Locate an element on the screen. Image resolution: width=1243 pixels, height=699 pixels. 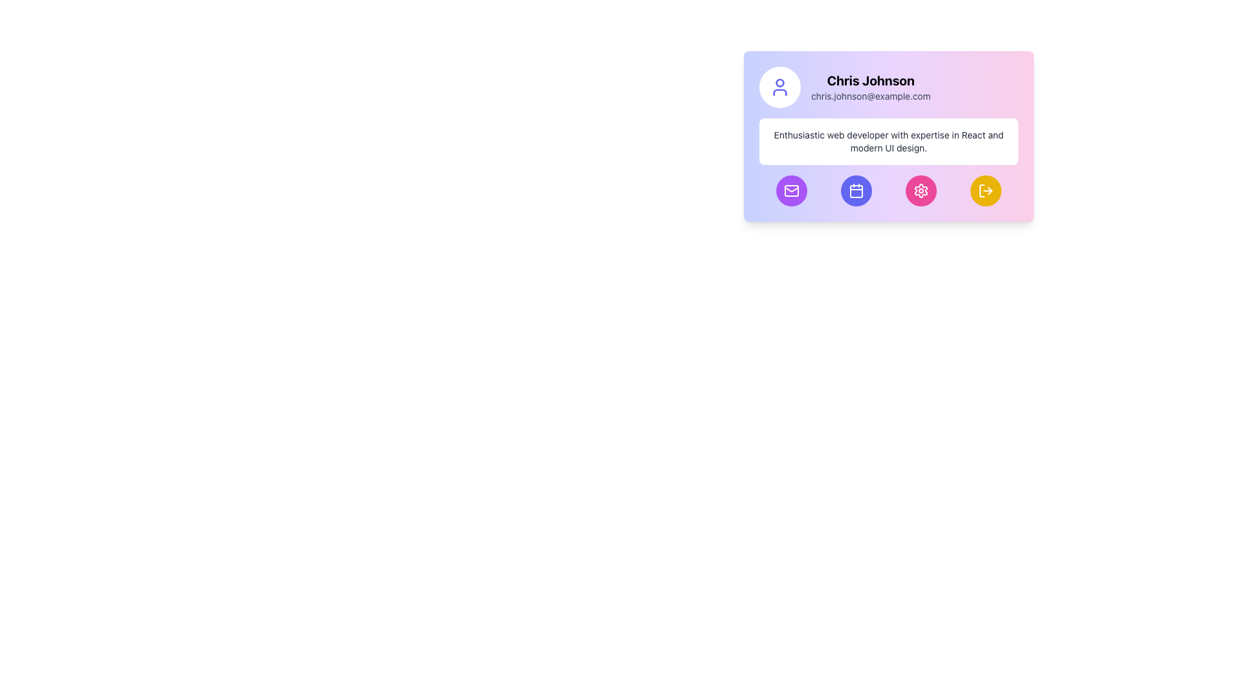
the second icon button in the horizontal row of four buttons, located between the purple mail icon button and the pink settings icon button is located at coordinates (857, 190).